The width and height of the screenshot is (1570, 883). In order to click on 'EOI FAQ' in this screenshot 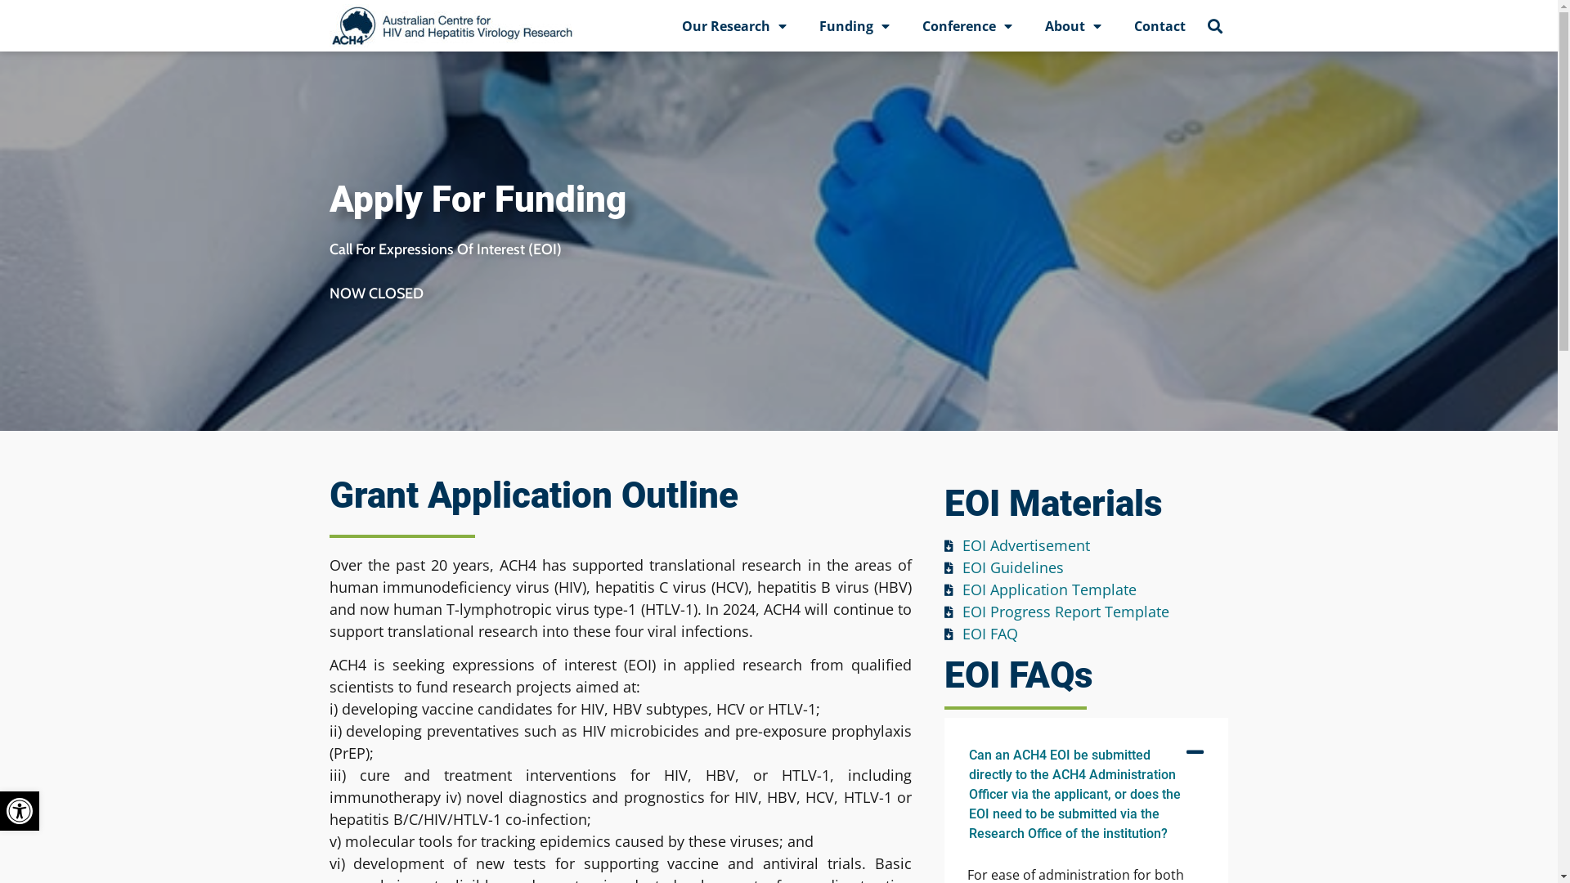, I will do `click(1087, 633)`.